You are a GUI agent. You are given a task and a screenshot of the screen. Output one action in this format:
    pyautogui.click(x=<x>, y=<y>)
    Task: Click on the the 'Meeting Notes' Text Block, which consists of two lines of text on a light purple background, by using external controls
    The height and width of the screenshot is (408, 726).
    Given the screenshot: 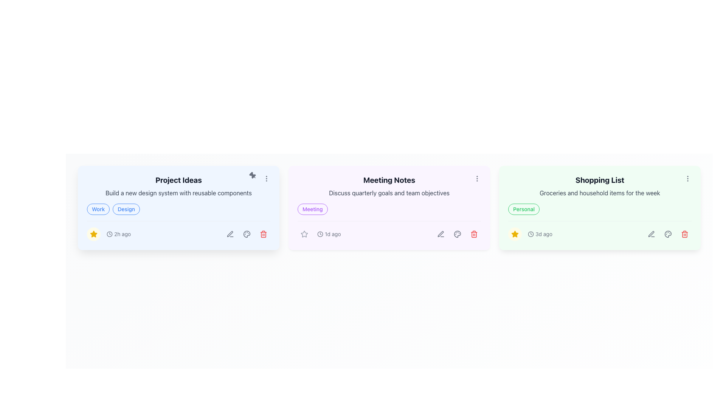 What is the action you would take?
    pyautogui.click(x=389, y=186)
    